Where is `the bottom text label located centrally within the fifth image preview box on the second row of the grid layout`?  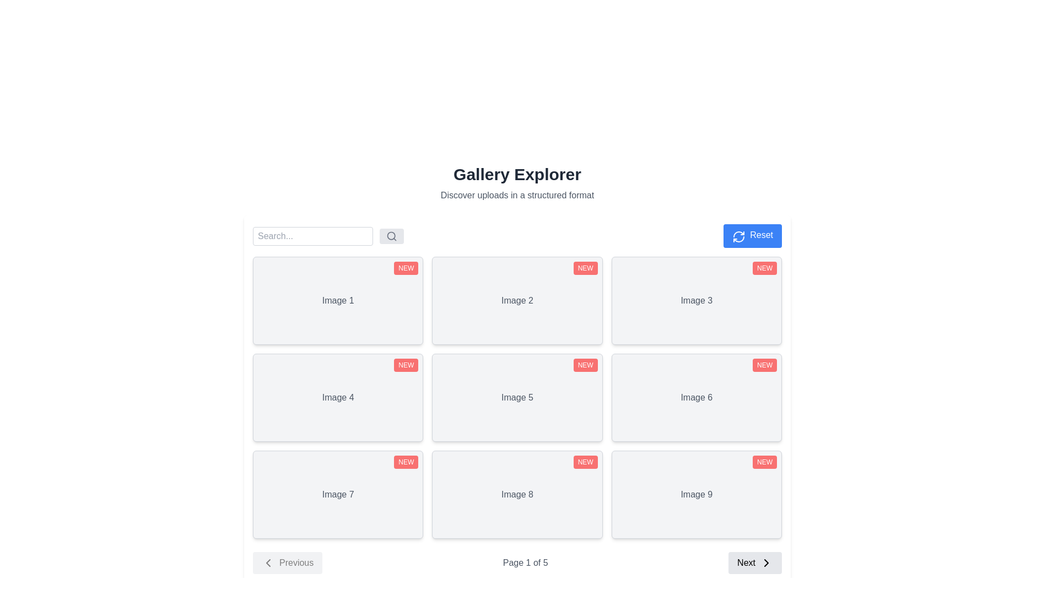
the bottom text label located centrally within the fifth image preview box on the second row of the grid layout is located at coordinates (517, 397).